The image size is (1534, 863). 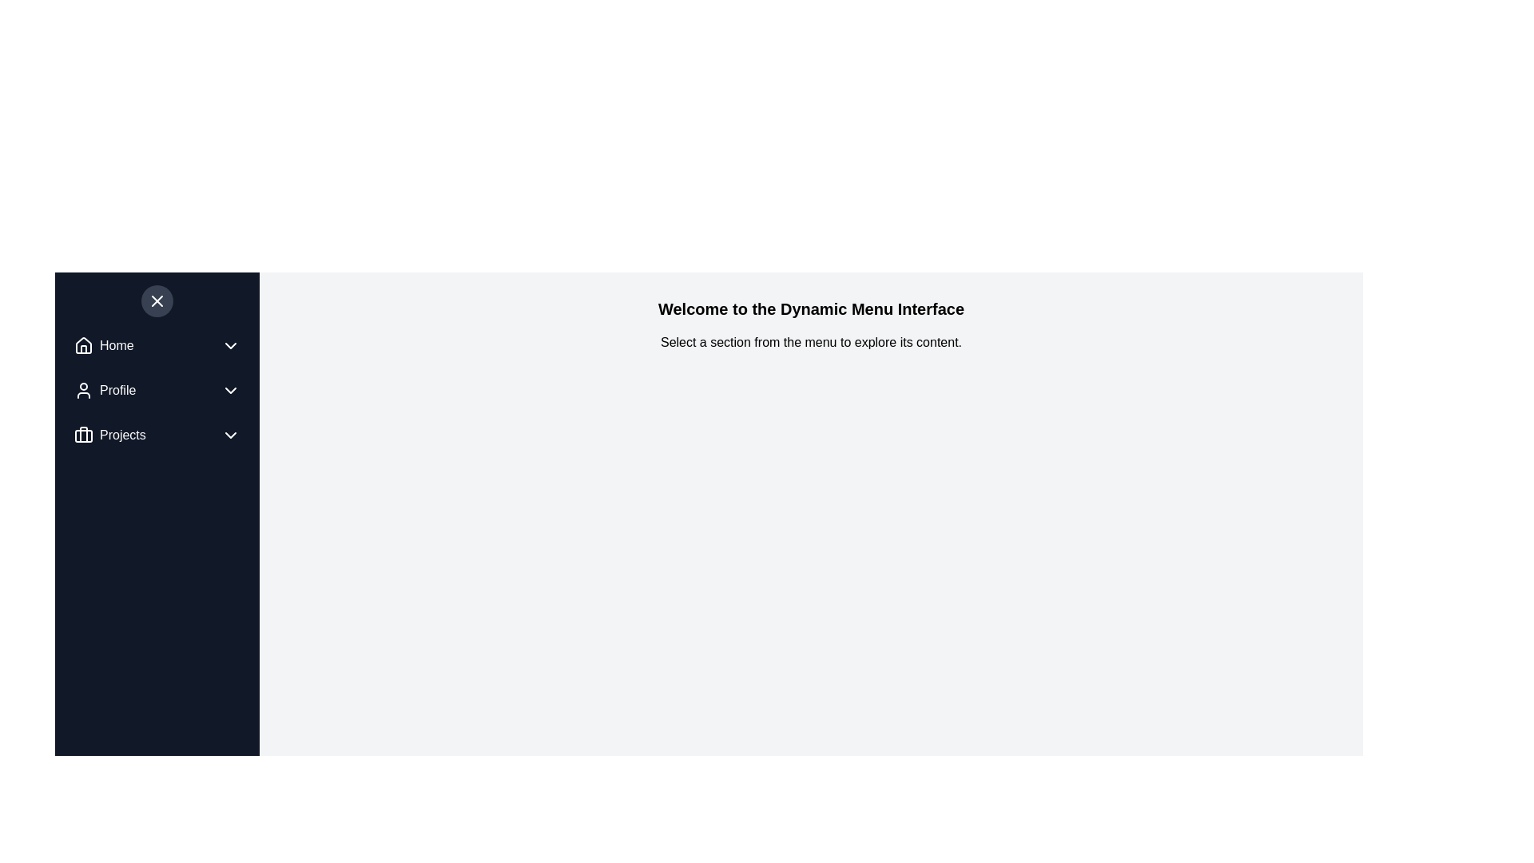 What do you see at coordinates (104, 391) in the screenshot?
I see `the 'Profile' menu item, which is the second item in the vertical list of menu options in the left sidebar` at bounding box center [104, 391].